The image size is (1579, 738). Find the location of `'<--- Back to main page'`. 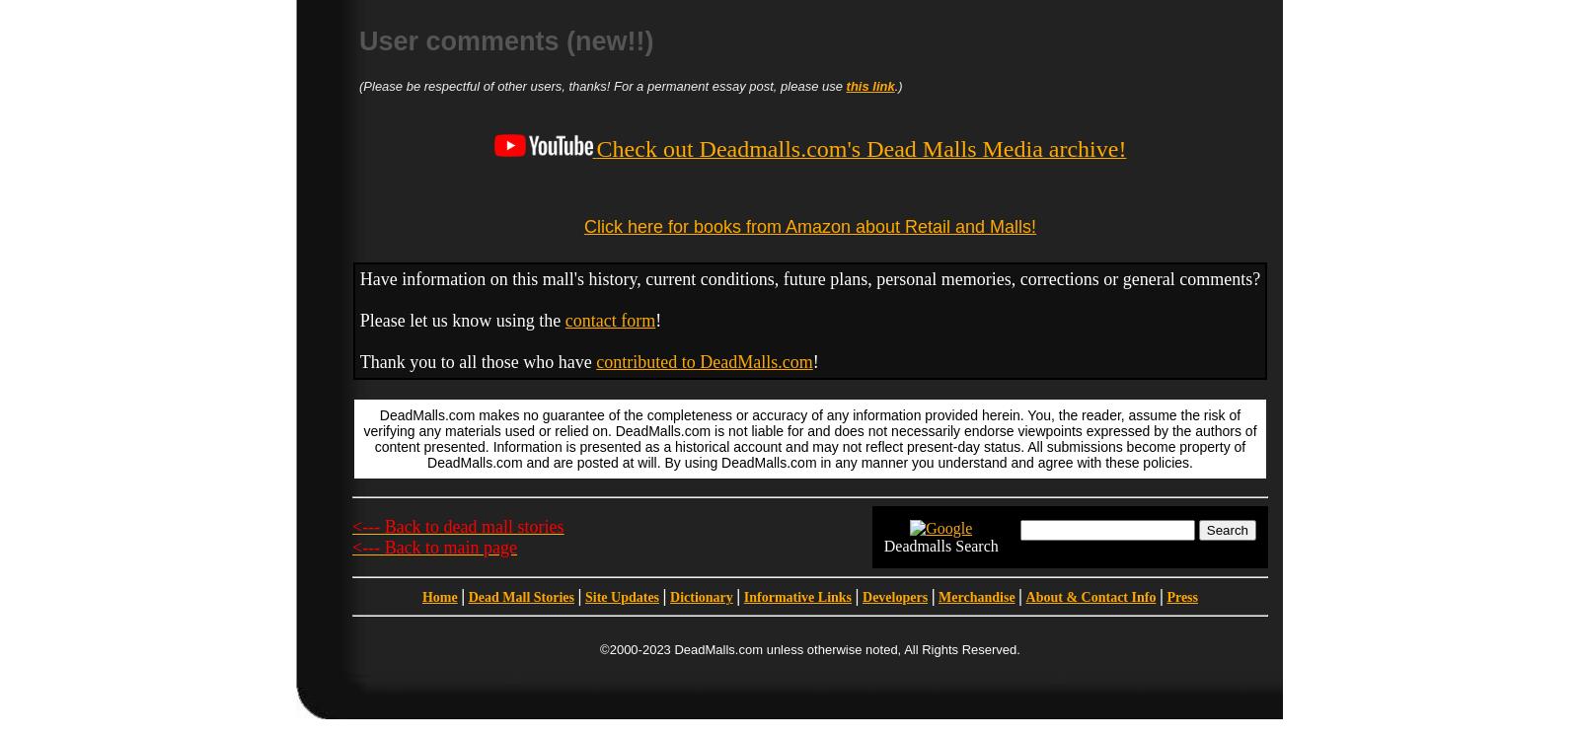

'<--- Back to main page' is located at coordinates (433, 545).